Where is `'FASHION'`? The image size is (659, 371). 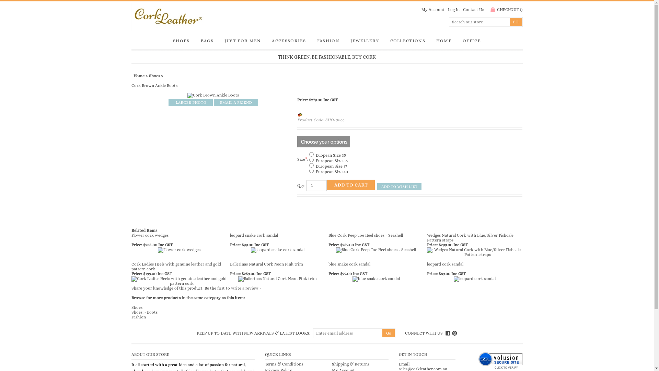 'FASHION' is located at coordinates (328, 41).